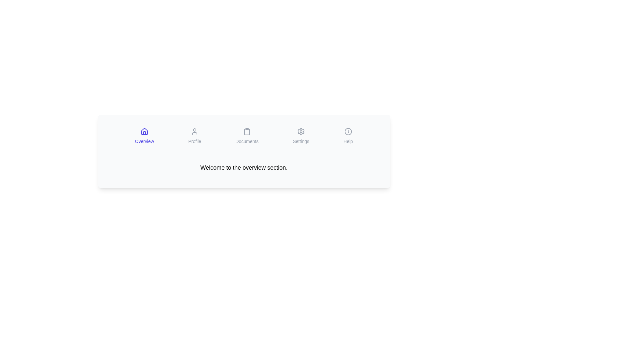  What do you see at coordinates (194, 132) in the screenshot?
I see `the user silhouette vector graphic icon in the bottom menu bar` at bounding box center [194, 132].